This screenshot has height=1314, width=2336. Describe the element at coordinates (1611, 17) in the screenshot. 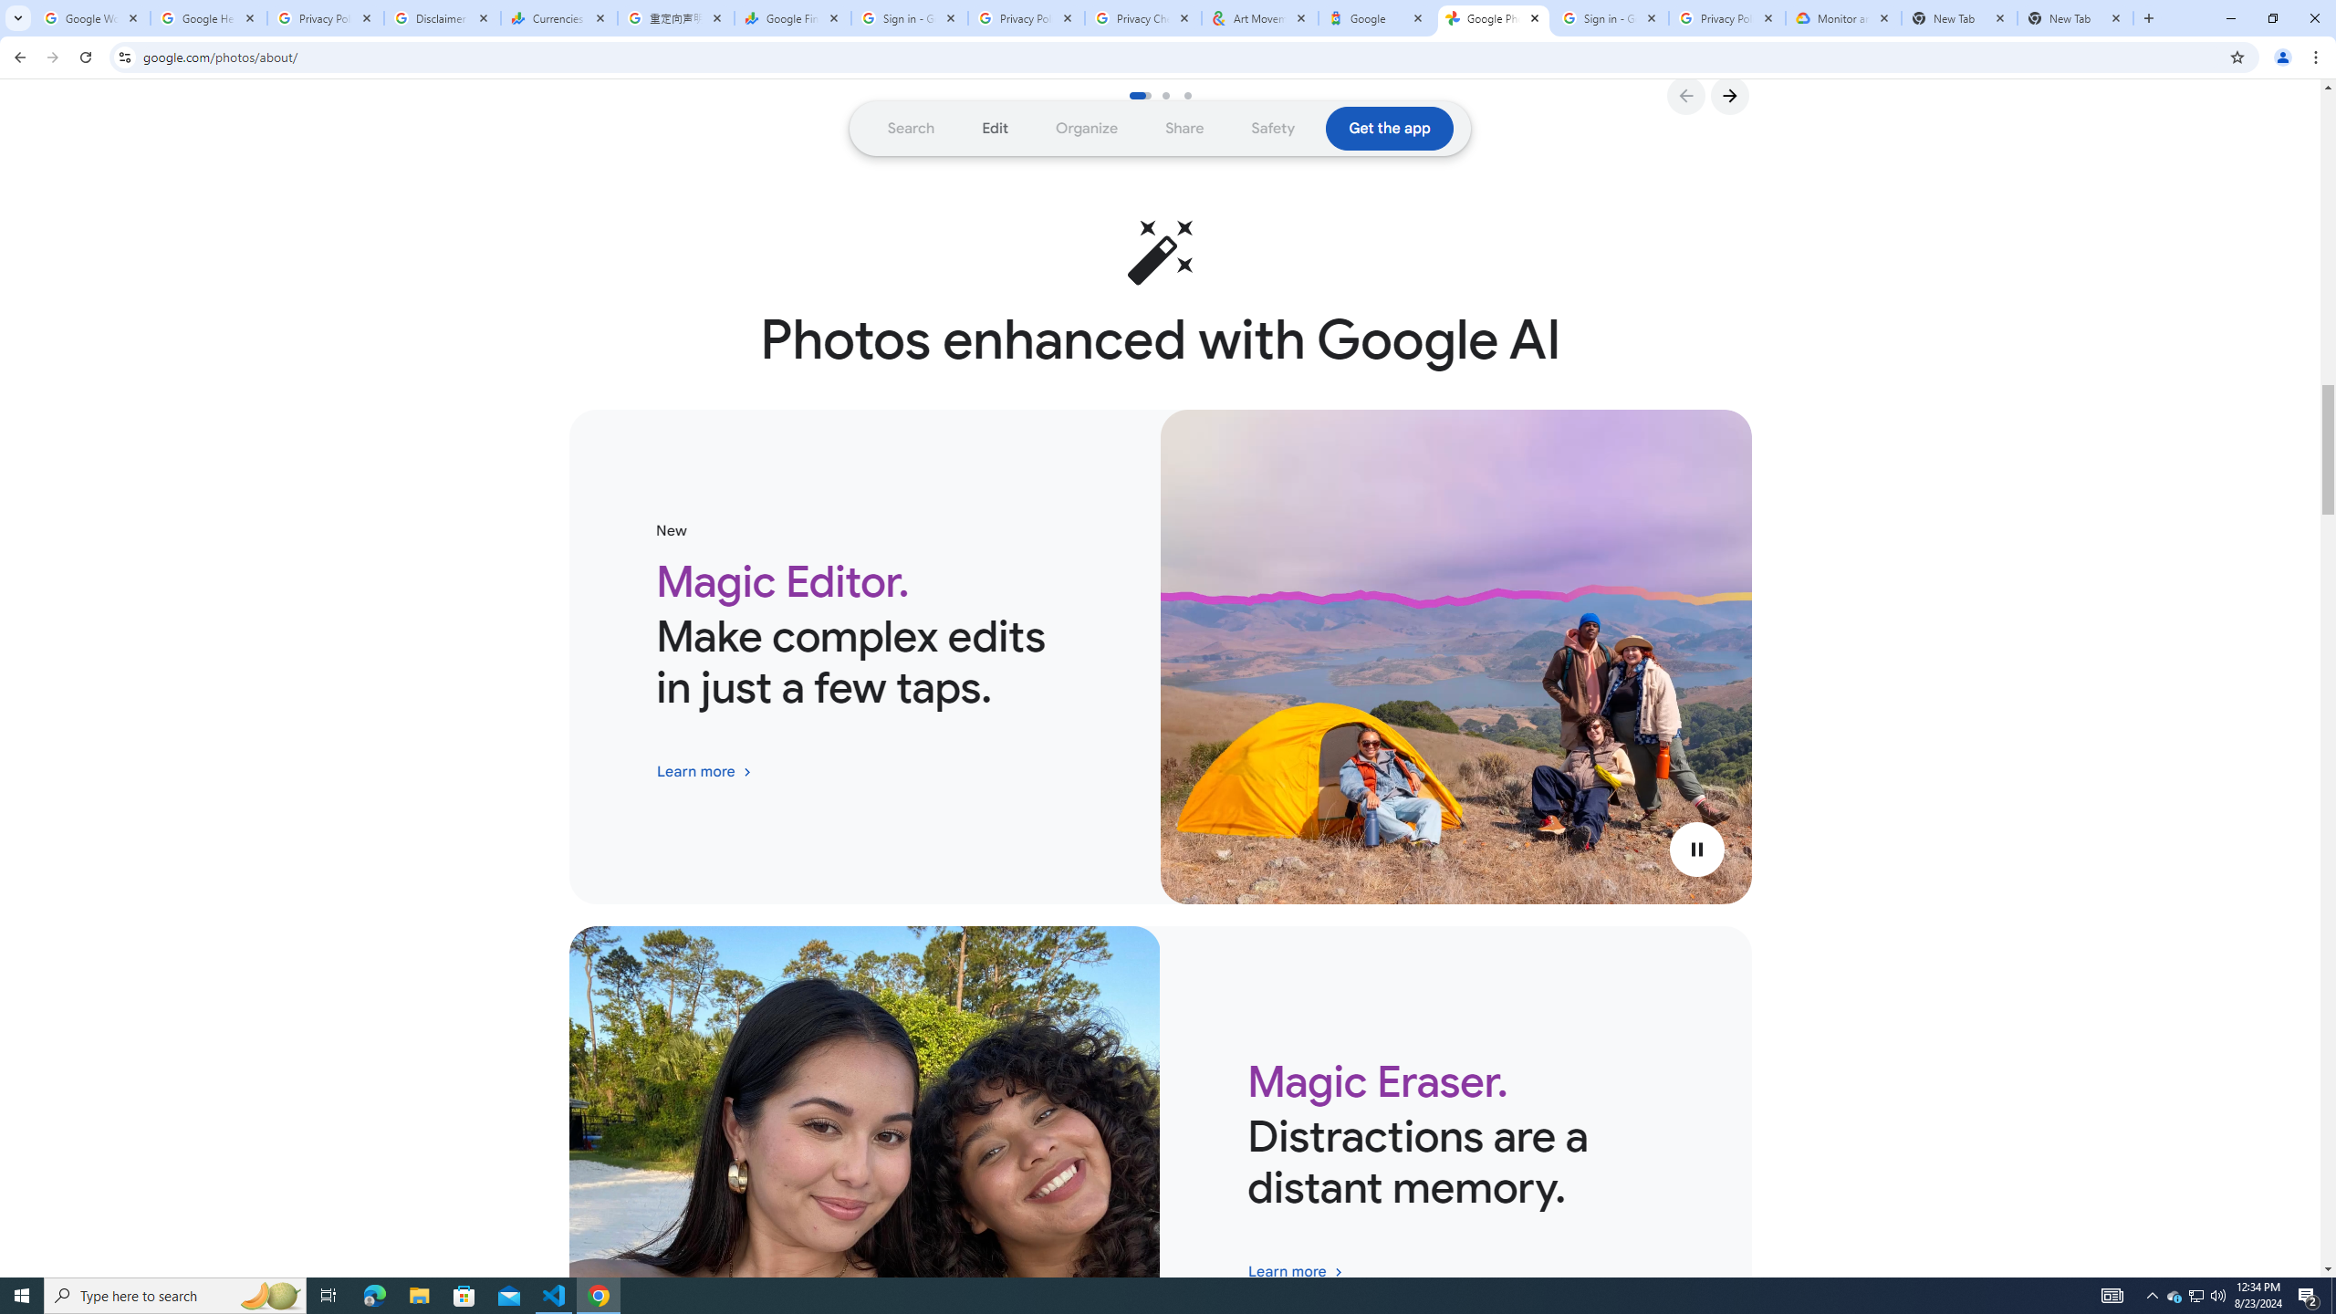

I see `'Sign in - Google Accounts'` at that location.